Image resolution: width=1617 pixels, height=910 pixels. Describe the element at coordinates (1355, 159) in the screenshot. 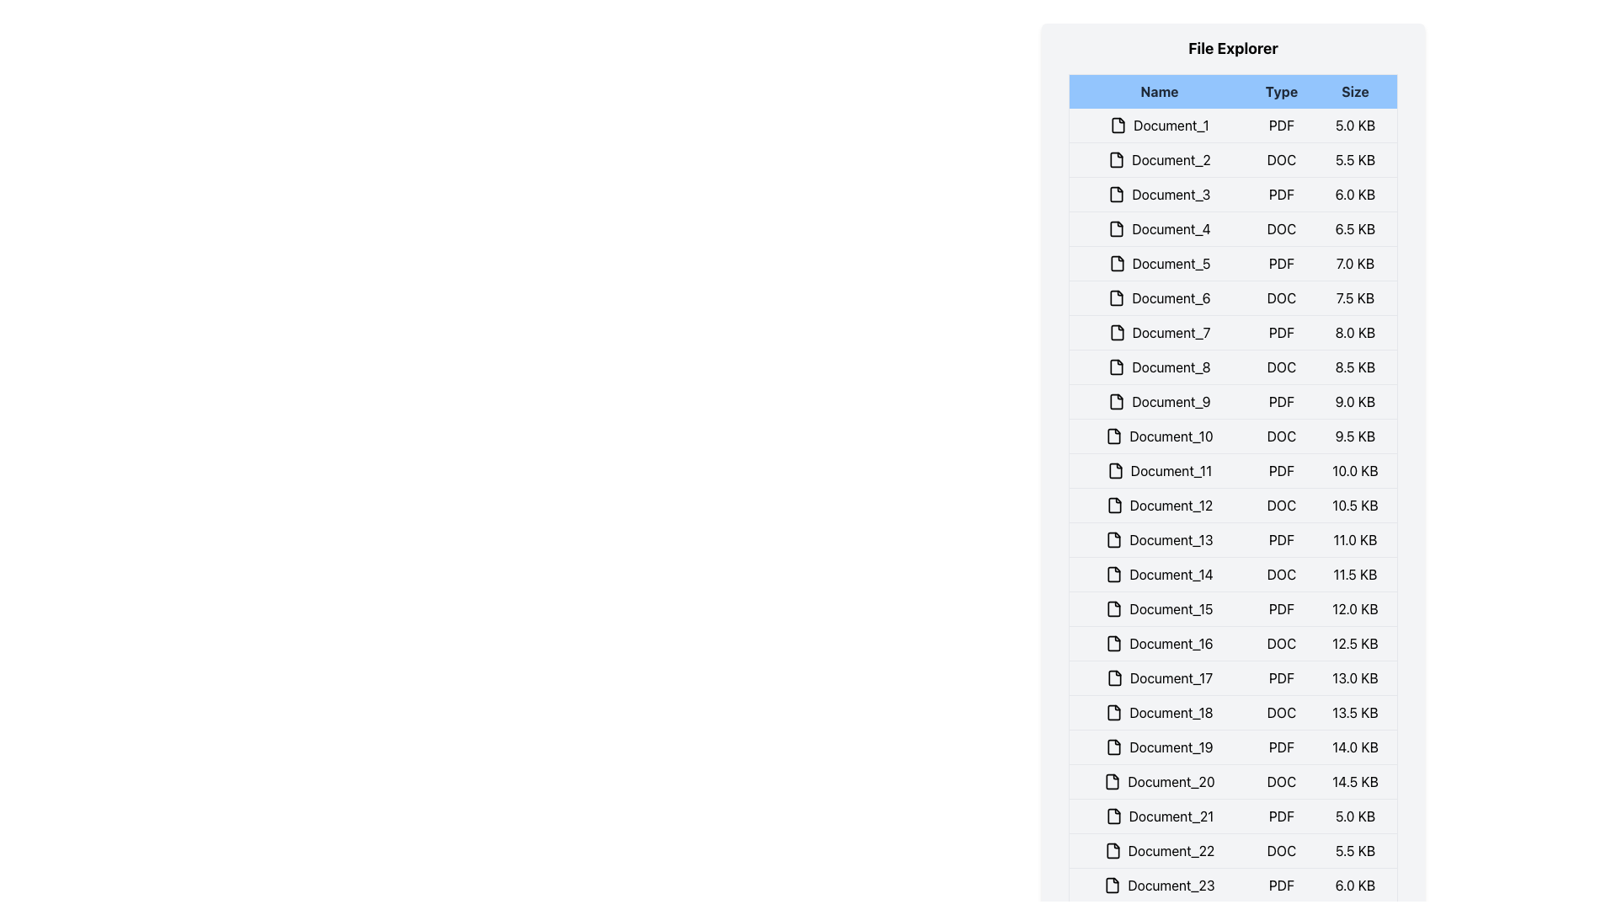

I see `the text label displaying '5.5 KB', which represents the file size in the file listing interface, aligned to the right under the 'Size' column` at that location.